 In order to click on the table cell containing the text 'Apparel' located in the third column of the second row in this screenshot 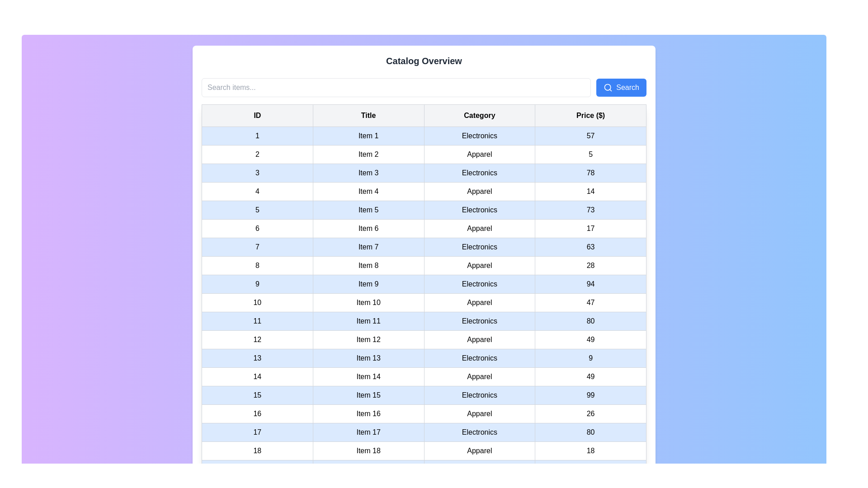, I will do `click(479, 154)`.